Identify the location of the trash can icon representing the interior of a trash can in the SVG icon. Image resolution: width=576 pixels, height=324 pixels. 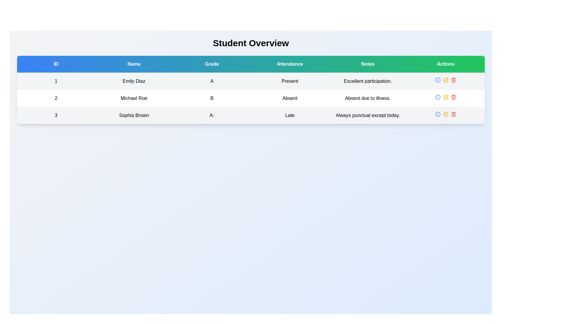
(454, 115).